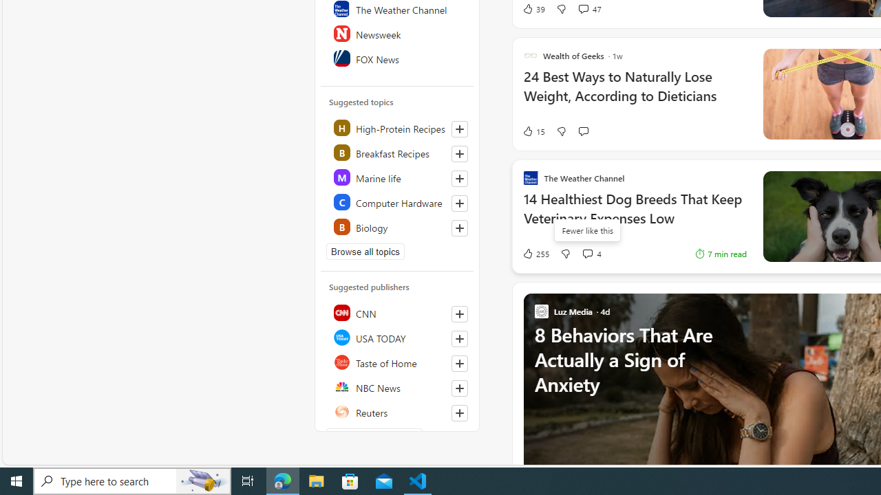  Describe the element at coordinates (459, 227) in the screenshot. I see `'Follow this topic'` at that location.